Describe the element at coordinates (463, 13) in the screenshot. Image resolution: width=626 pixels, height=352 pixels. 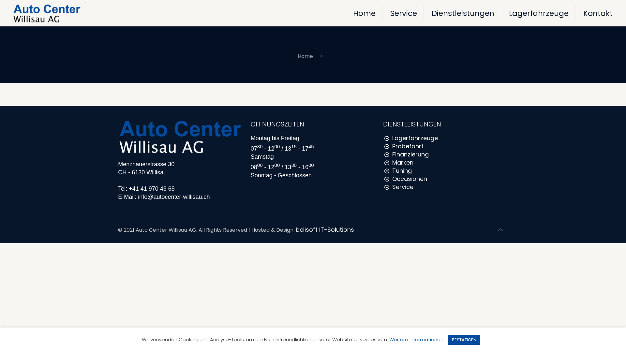
I see `'Dienstleistungen'` at that location.